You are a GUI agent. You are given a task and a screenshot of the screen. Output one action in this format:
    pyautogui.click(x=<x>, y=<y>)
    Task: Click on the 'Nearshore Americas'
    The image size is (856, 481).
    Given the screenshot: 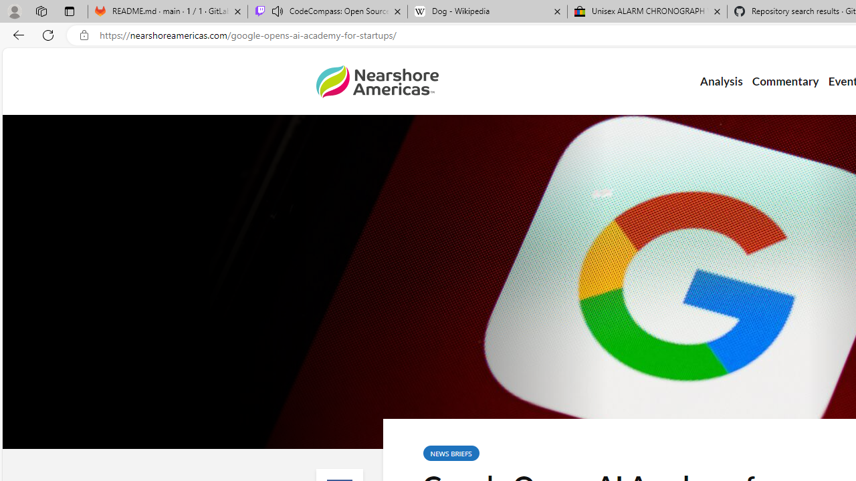 What is the action you would take?
    pyautogui.click(x=376, y=82)
    